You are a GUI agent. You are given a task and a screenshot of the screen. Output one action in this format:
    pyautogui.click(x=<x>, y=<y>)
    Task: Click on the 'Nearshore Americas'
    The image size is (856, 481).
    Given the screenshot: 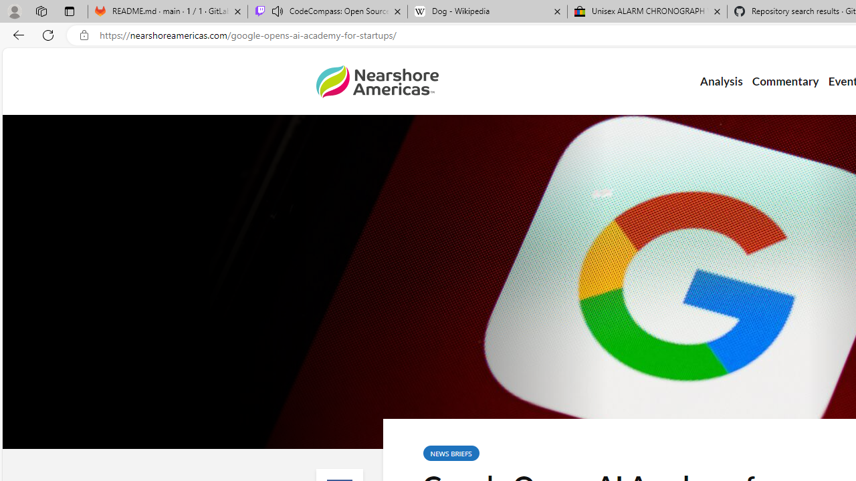 What is the action you would take?
    pyautogui.click(x=376, y=82)
    